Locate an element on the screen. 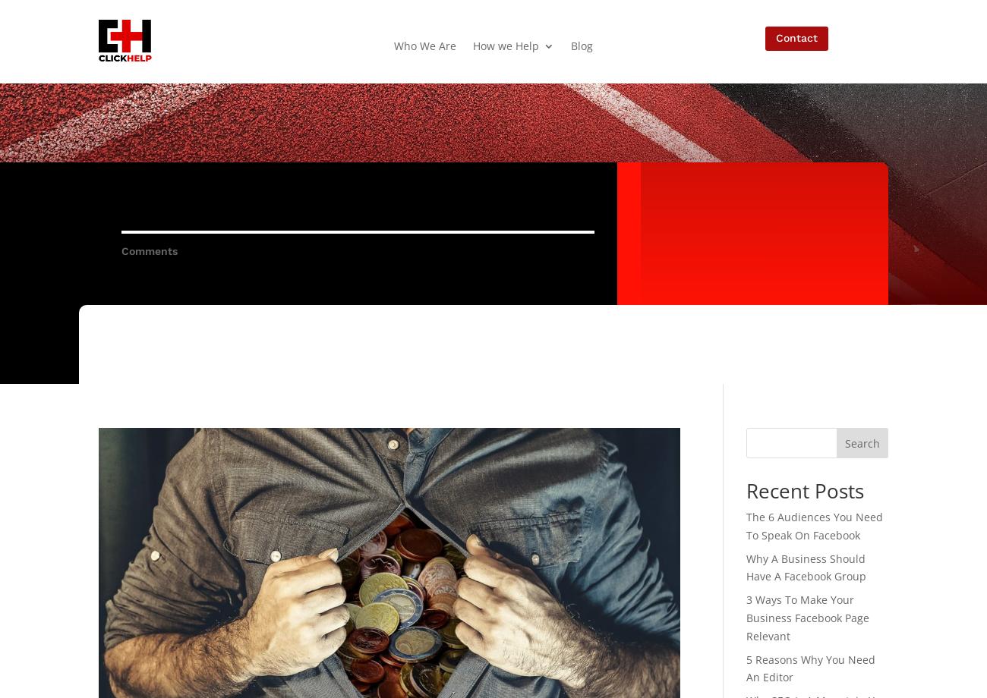 This screenshot has width=987, height=698. 'SEO – Kingston Search Engine Optimization' is located at coordinates (551, 99).